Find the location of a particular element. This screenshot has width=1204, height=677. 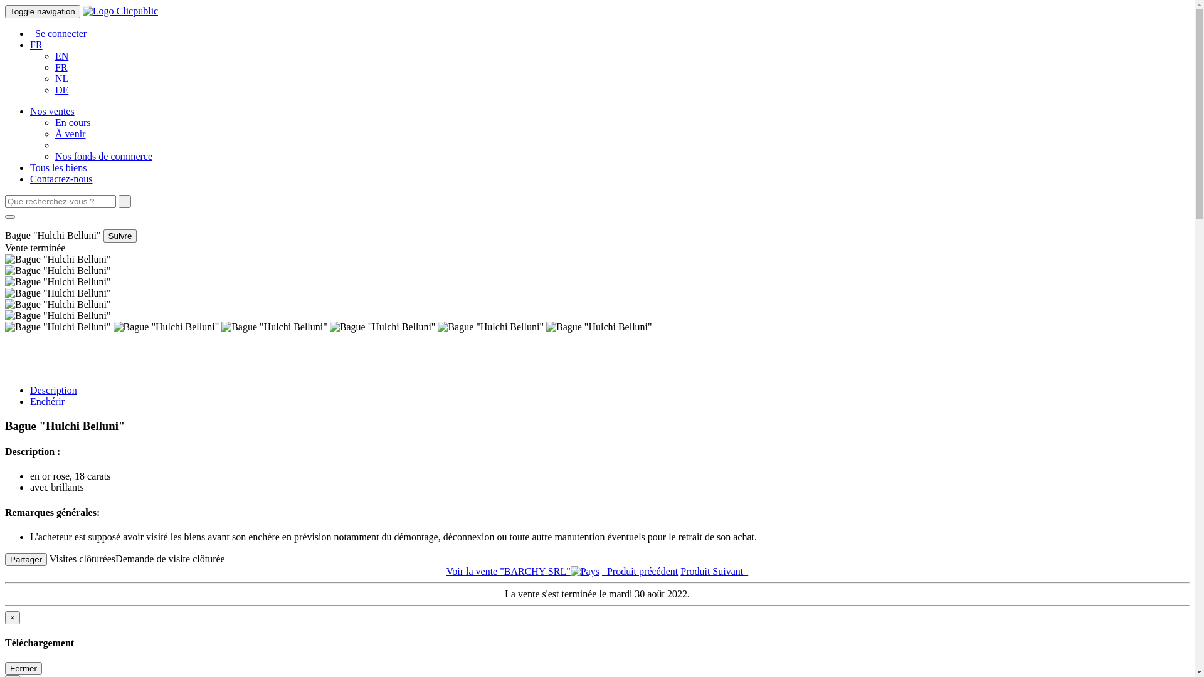

'En cours' is located at coordinates (71, 122).